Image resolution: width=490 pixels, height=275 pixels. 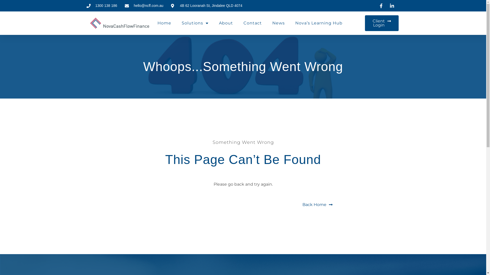 I want to click on 'About', so click(x=226, y=23).